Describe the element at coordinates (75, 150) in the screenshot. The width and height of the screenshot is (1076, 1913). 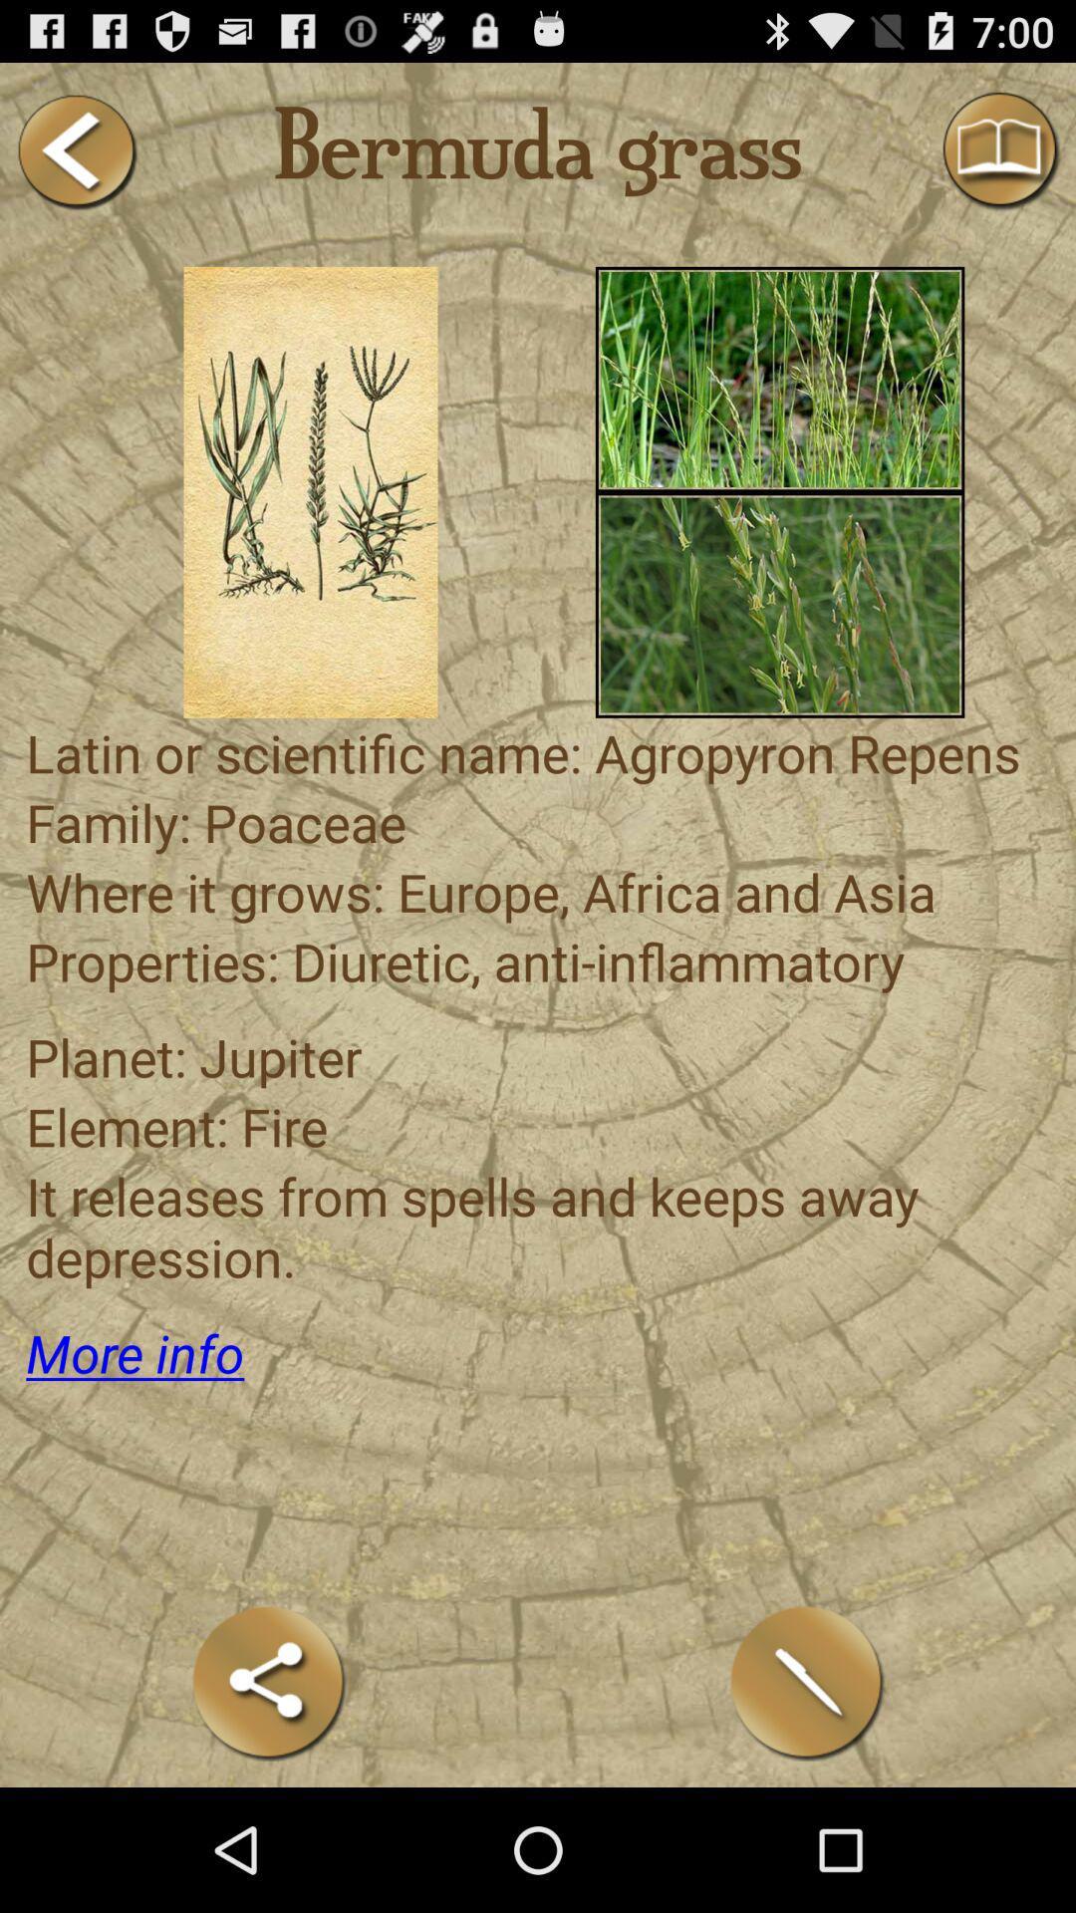
I see `go back` at that location.